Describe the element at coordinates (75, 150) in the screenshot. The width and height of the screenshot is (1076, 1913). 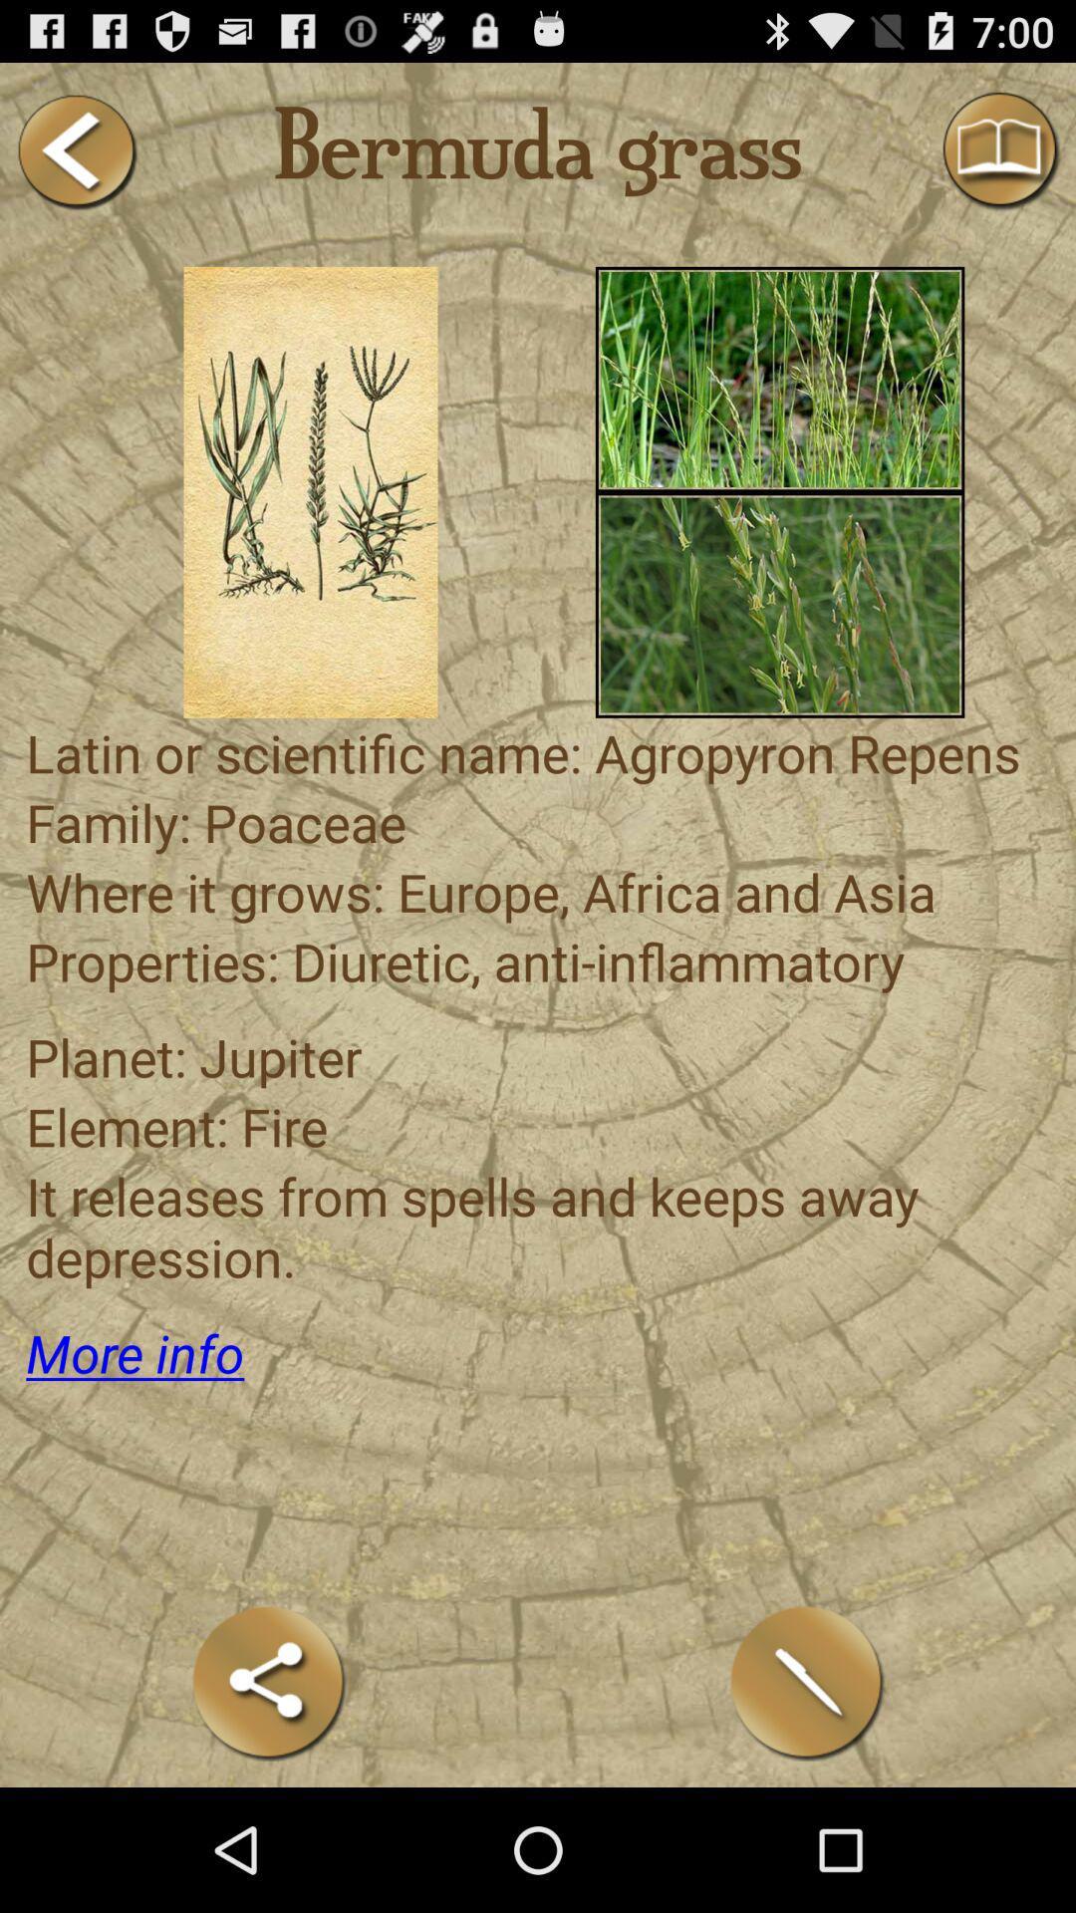
I see `go back` at that location.